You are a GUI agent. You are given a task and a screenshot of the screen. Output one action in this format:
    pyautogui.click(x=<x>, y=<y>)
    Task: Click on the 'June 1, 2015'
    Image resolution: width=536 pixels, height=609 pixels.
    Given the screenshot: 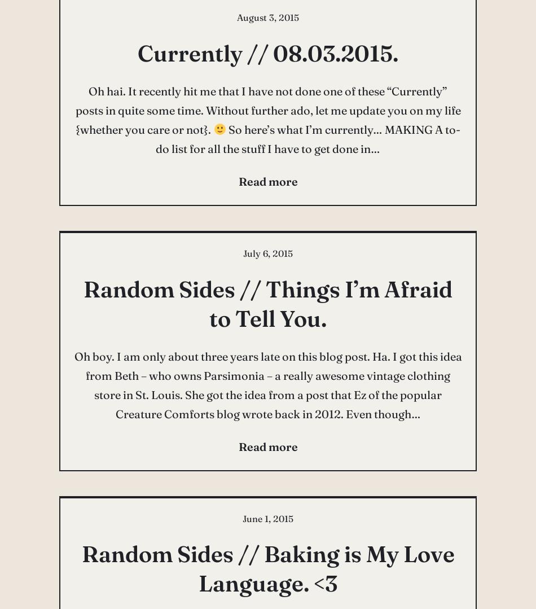 What is the action you would take?
    pyautogui.click(x=268, y=518)
    